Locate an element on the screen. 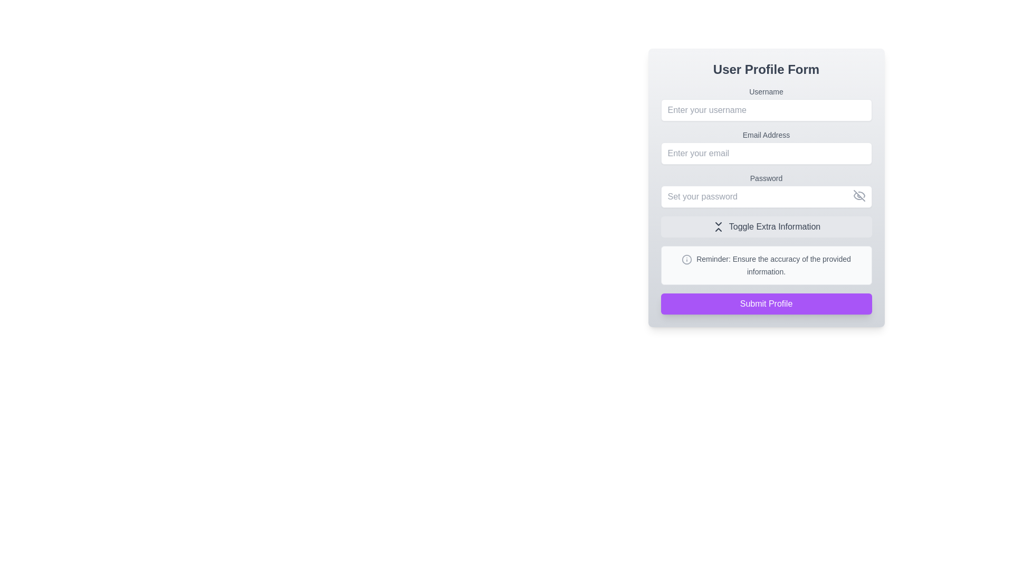 The image size is (1013, 570). the 'Password' text label, which is styled in a smaller gray font and is the first element in the password input section of the profile form is located at coordinates (766, 178).